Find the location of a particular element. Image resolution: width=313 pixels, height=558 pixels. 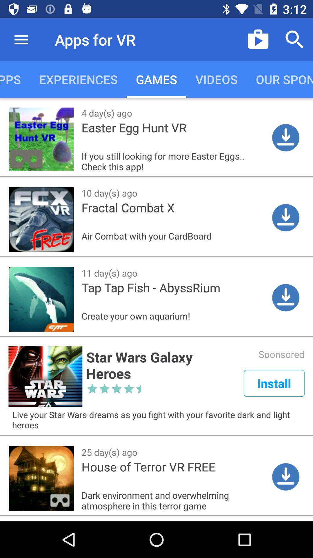

icon next to apps for vr icon is located at coordinates (258, 39).